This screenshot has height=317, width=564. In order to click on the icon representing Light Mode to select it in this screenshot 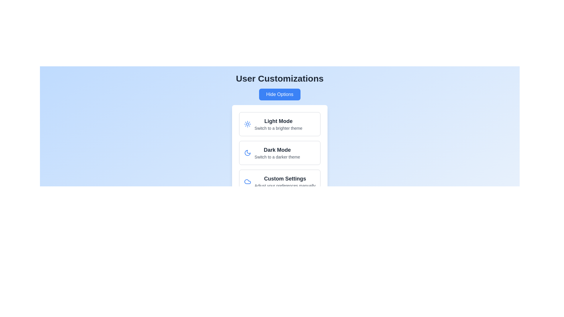, I will do `click(247, 124)`.